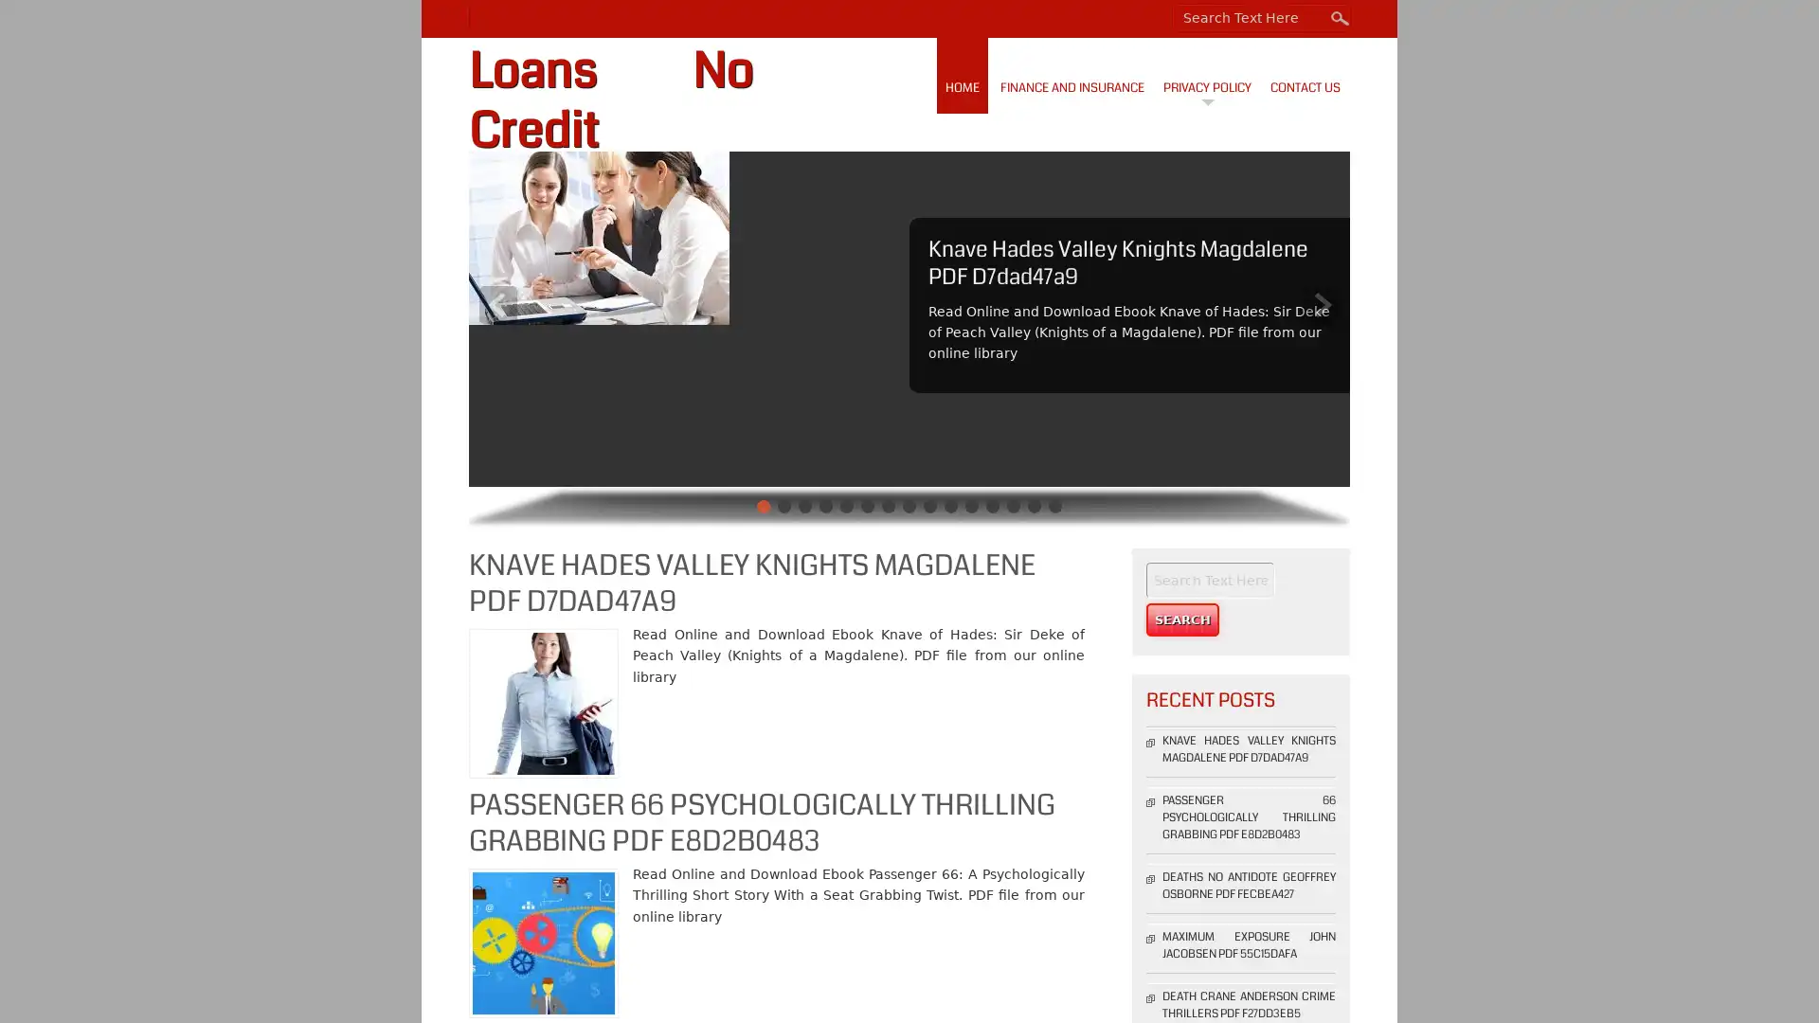 The image size is (1819, 1023). Describe the element at coordinates (1181, 619) in the screenshot. I see `Search` at that location.